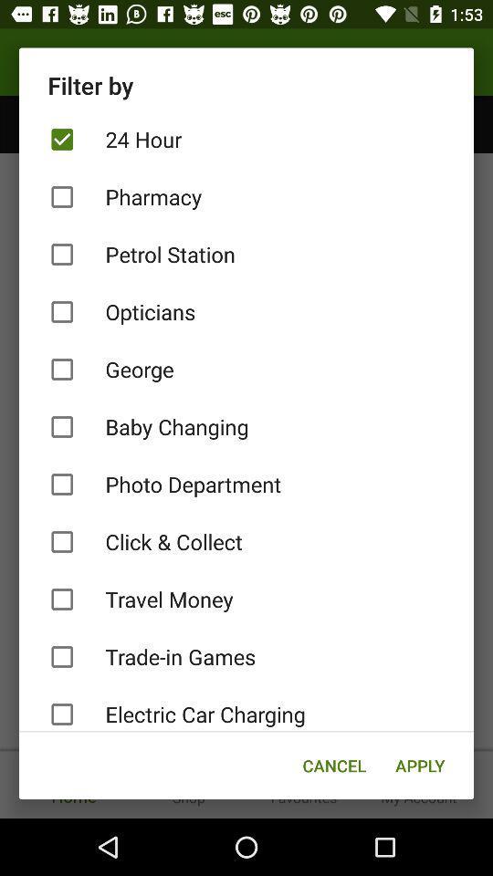 The height and width of the screenshot is (876, 493). I want to click on the icon below trade-in games icon, so click(246, 708).